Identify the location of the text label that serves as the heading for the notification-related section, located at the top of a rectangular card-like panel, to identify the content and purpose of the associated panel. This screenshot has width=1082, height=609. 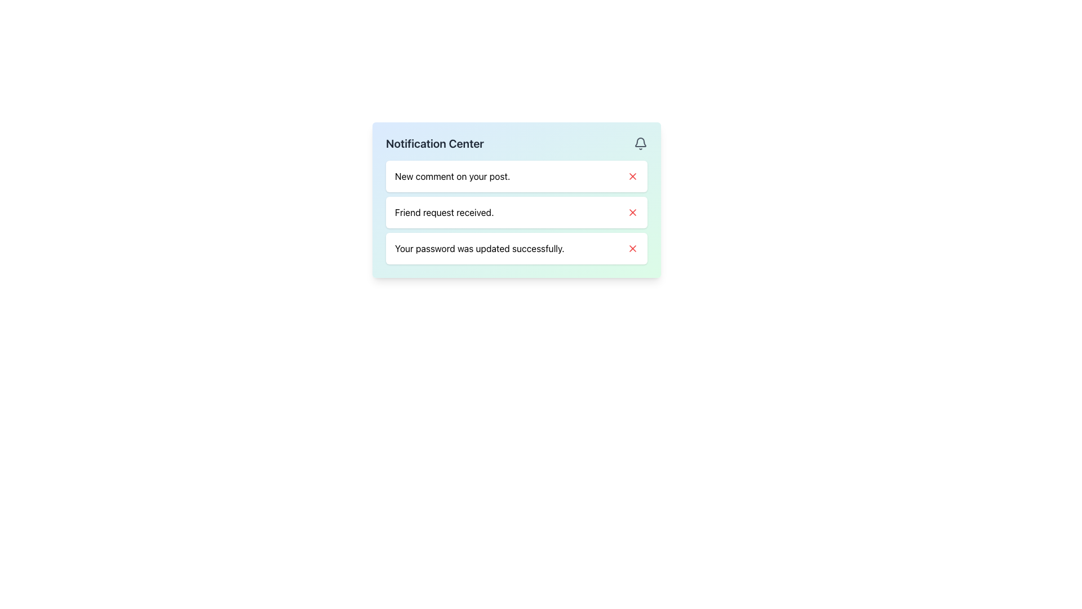
(434, 143).